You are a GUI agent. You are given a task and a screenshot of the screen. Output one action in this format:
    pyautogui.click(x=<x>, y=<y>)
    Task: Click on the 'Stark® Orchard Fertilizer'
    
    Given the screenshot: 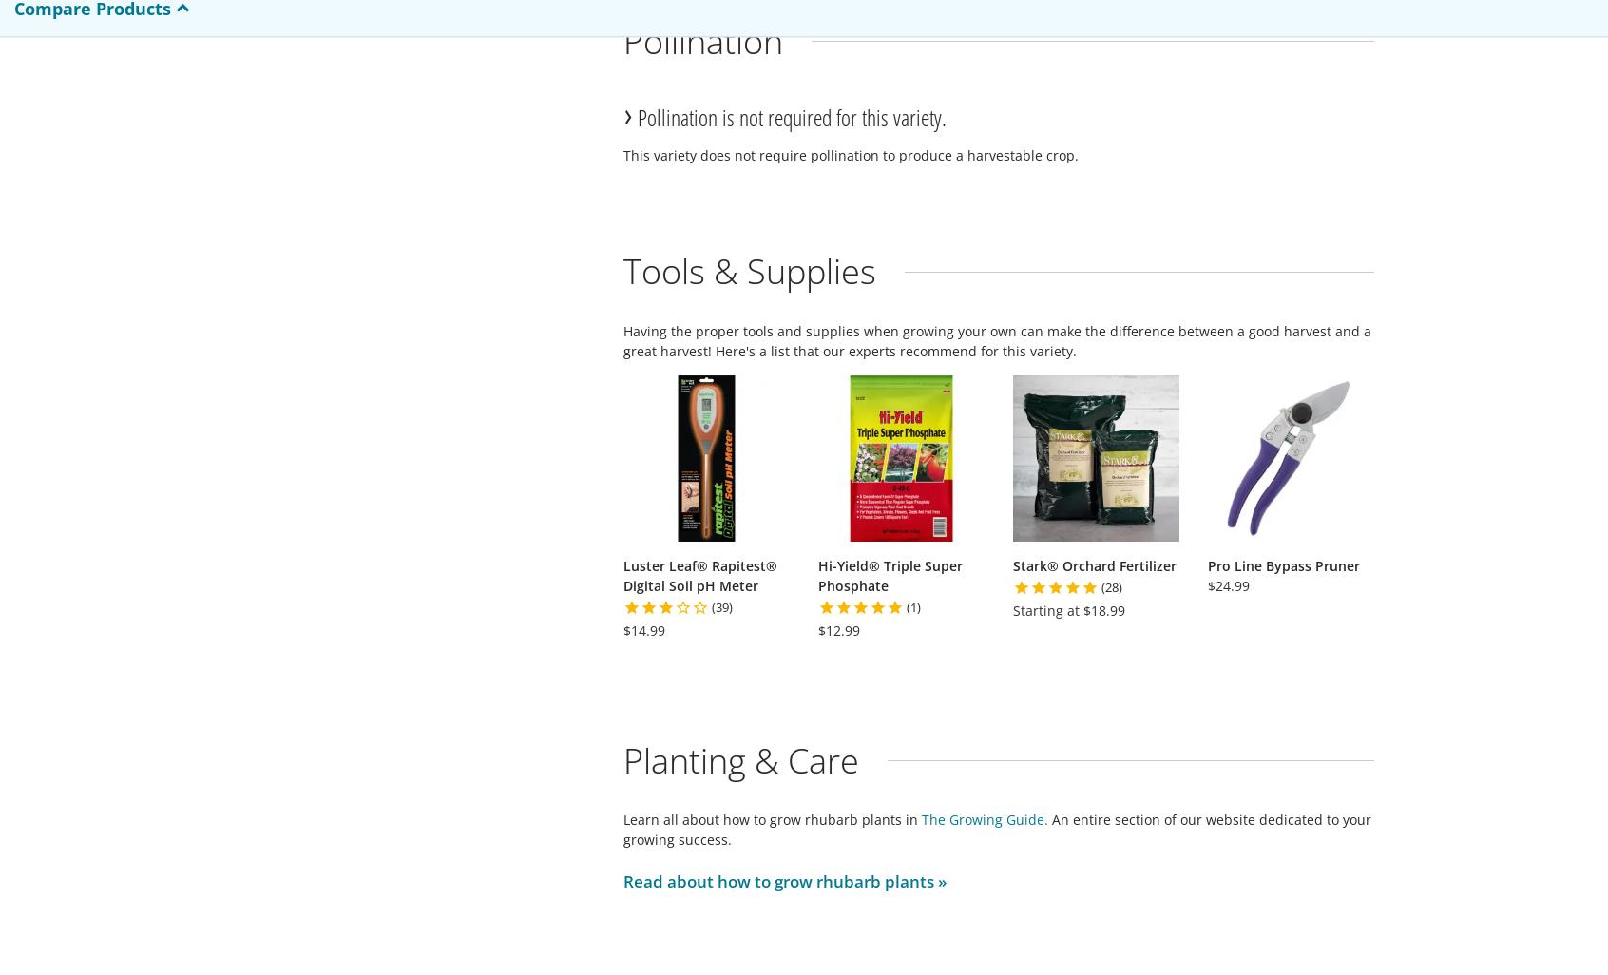 What is the action you would take?
    pyautogui.click(x=1094, y=564)
    